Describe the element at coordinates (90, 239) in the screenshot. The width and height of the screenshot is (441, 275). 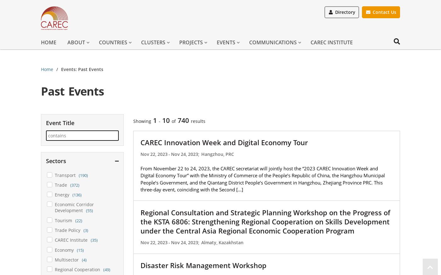
I see `'(35)'` at that location.